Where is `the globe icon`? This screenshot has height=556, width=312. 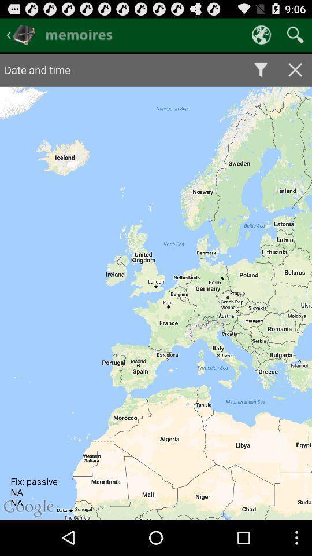 the globe icon is located at coordinates (261, 37).